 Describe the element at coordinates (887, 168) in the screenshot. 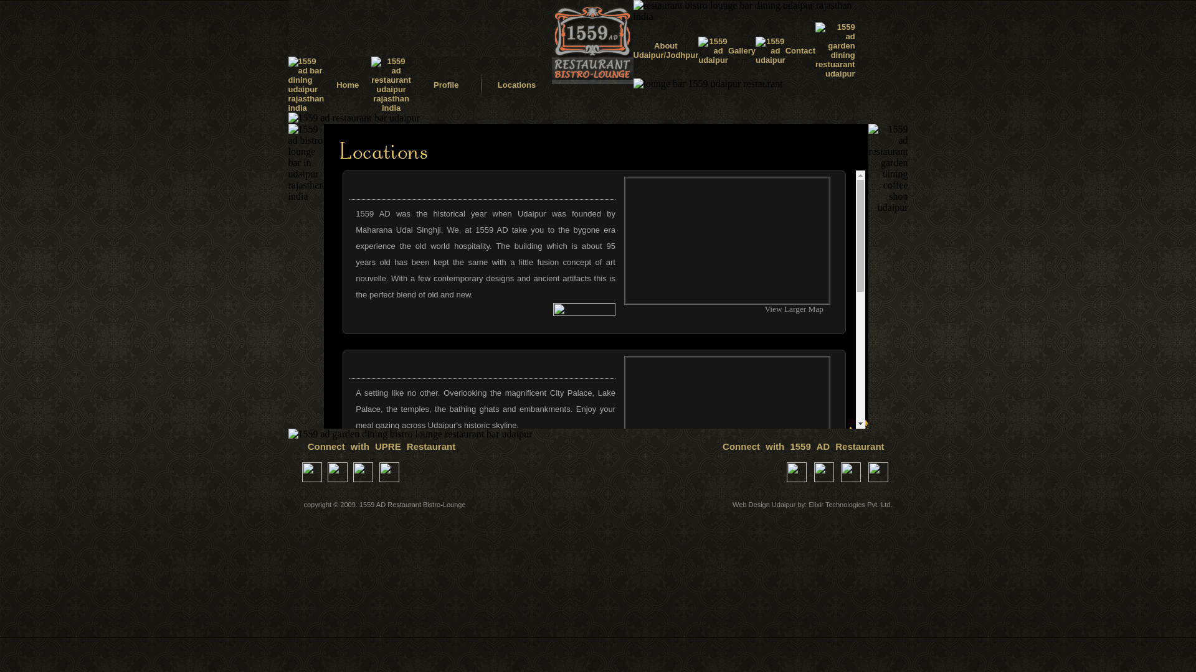

I see `'1559 ad restaurant garden dining coffee shop udaipur'` at that location.